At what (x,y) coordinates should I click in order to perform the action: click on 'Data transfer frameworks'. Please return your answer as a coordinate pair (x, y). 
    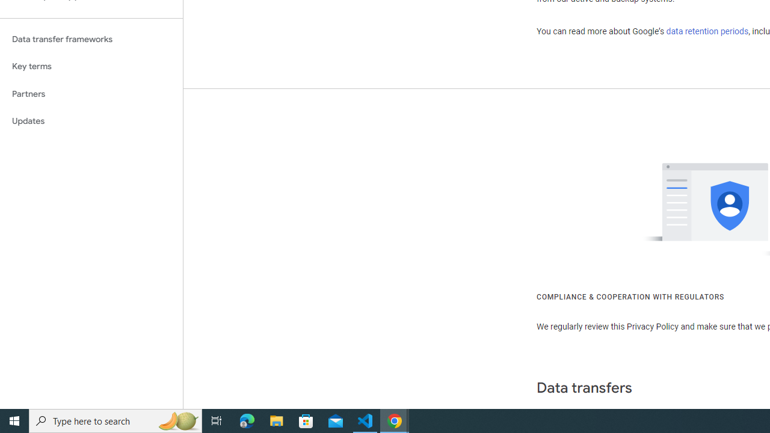
    Looking at the image, I should click on (91, 38).